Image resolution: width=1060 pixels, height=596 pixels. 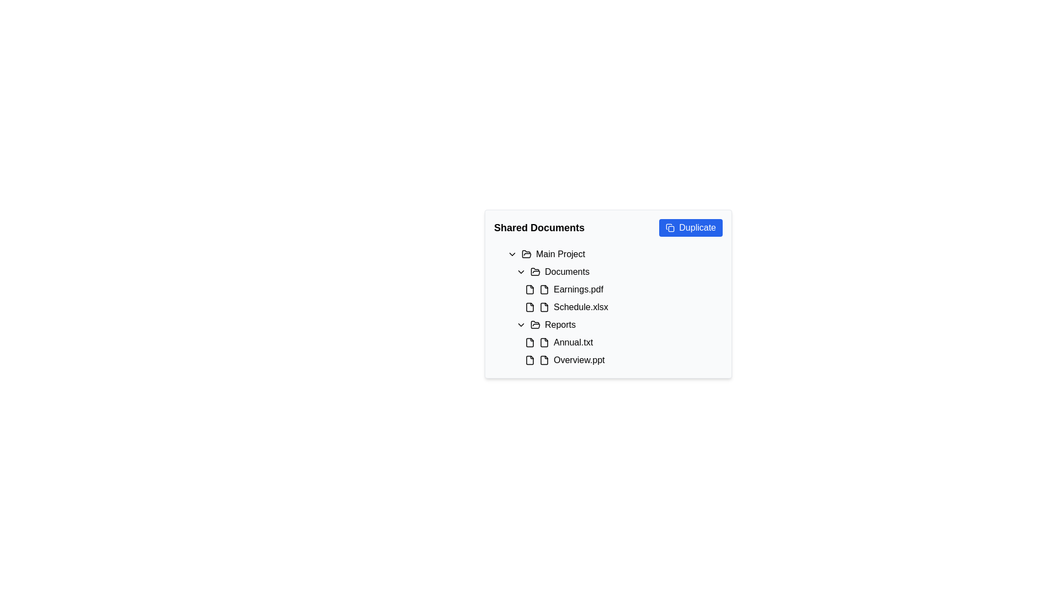 I want to click on the icon representing the file 'Annual.txt' located, so click(x=544, y=342).